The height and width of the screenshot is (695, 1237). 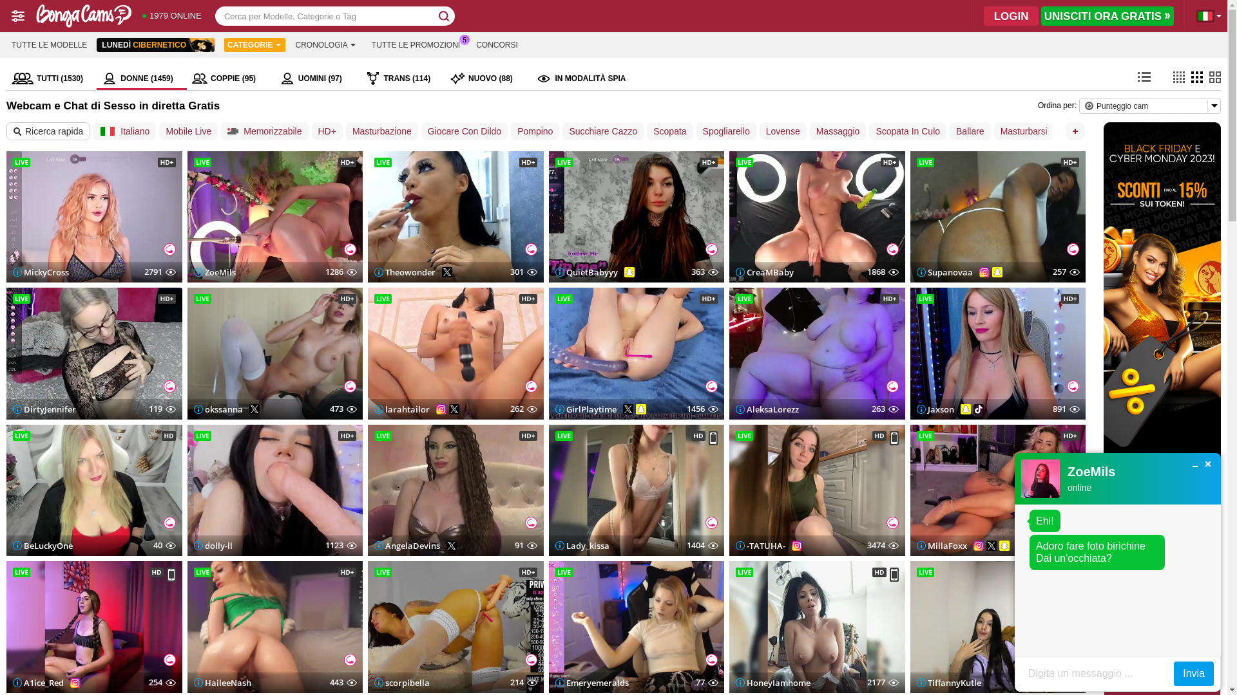 What do you see at coordinates (487, 79) in the screenshot?
I see `'NUOVO (88)'` at bounding box center [487, 79].